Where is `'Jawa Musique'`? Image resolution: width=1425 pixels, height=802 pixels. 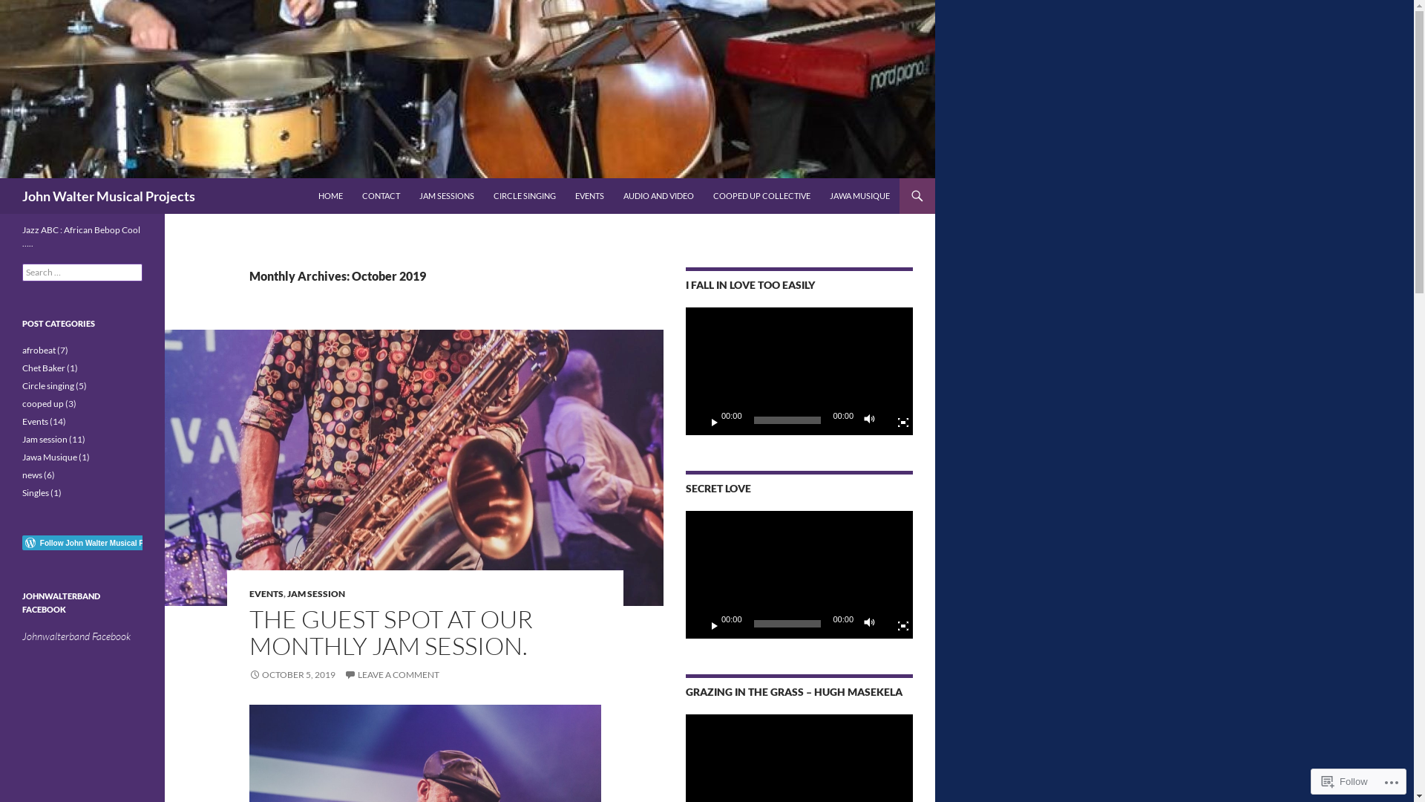 'Jawa Musique' is located at coordinates (22, 456).